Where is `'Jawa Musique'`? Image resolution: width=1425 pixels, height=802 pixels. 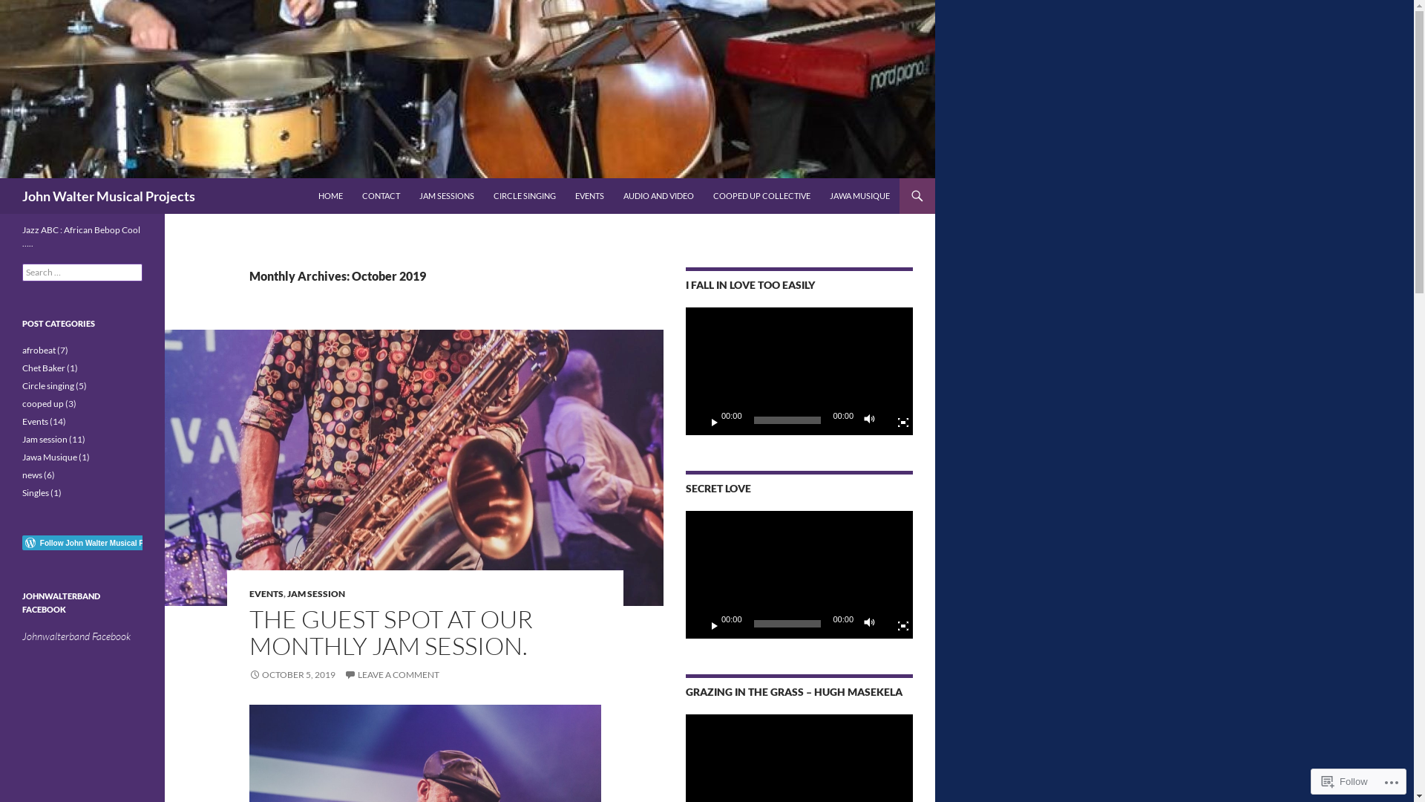 'Jawa Musique' is located at coordinates (22, 456).